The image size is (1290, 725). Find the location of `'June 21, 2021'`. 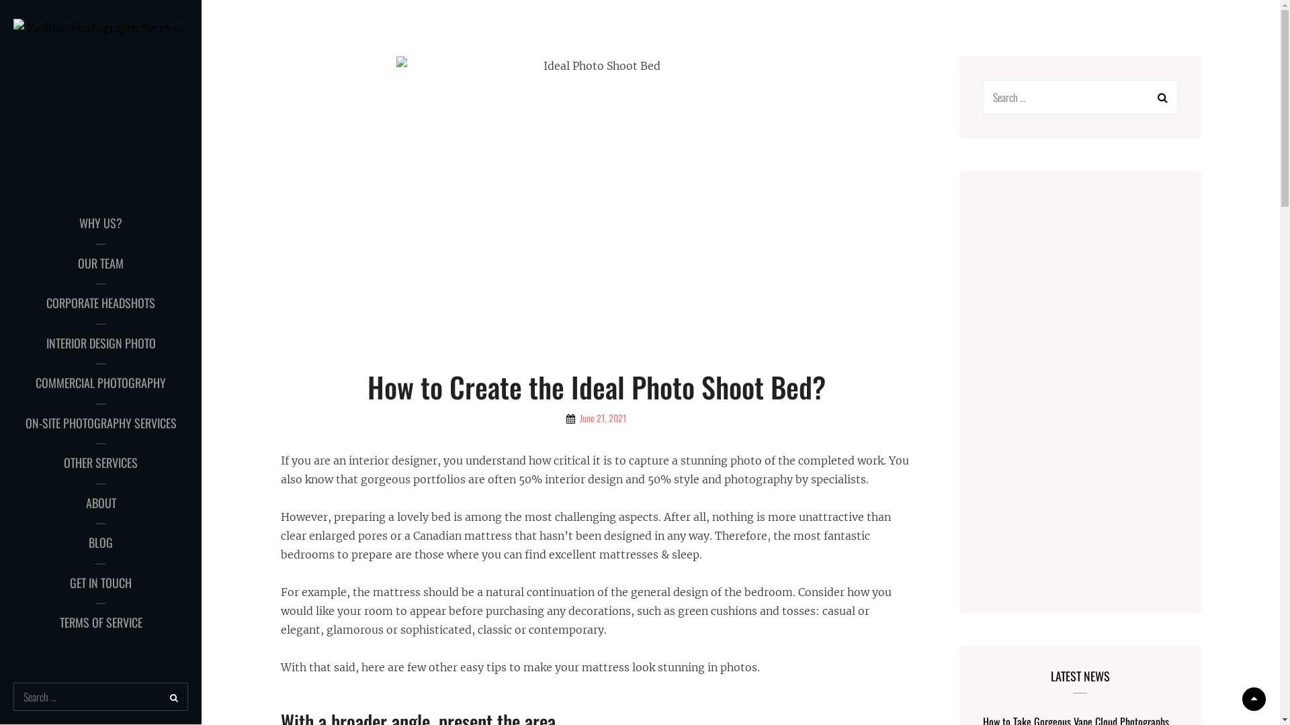

'June 21, 2021' is located at coordinates (595, 417).